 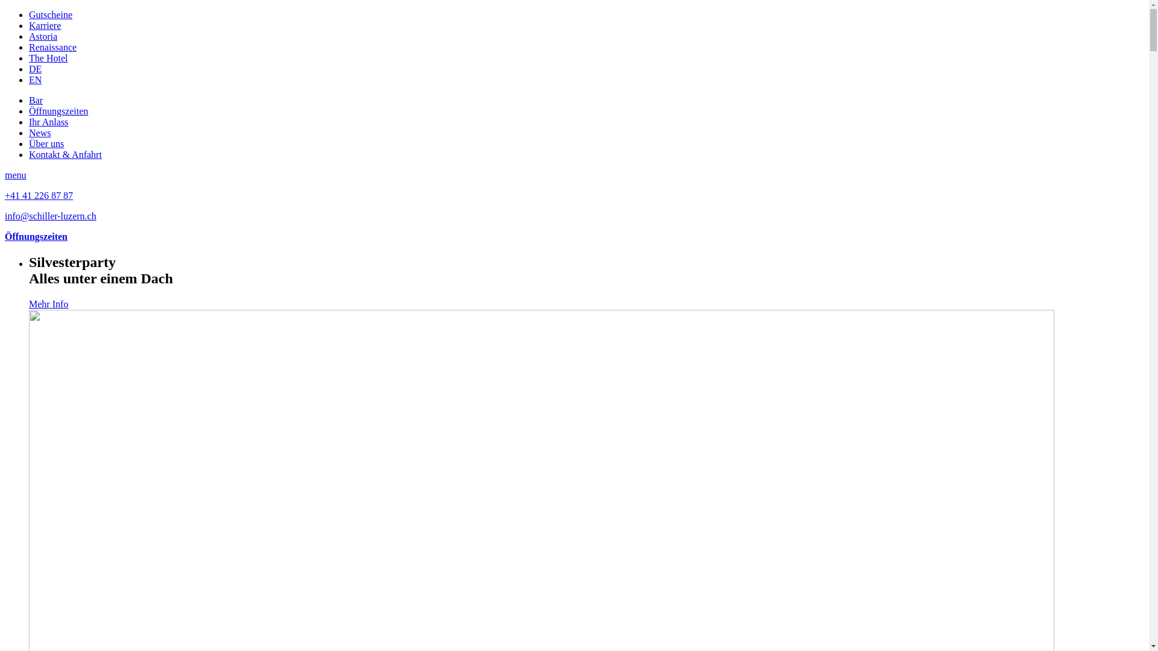 What do you see at coordinates (35, 69) in the screenshot?
I see `'DE'` at bounding box center [35, 69].